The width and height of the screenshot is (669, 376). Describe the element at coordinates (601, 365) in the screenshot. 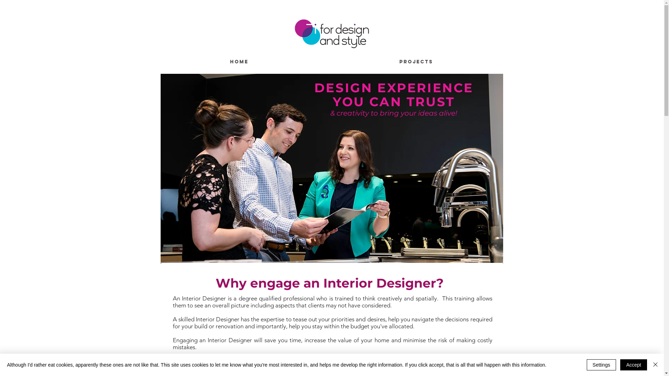

I see `'Settings'` at that location.